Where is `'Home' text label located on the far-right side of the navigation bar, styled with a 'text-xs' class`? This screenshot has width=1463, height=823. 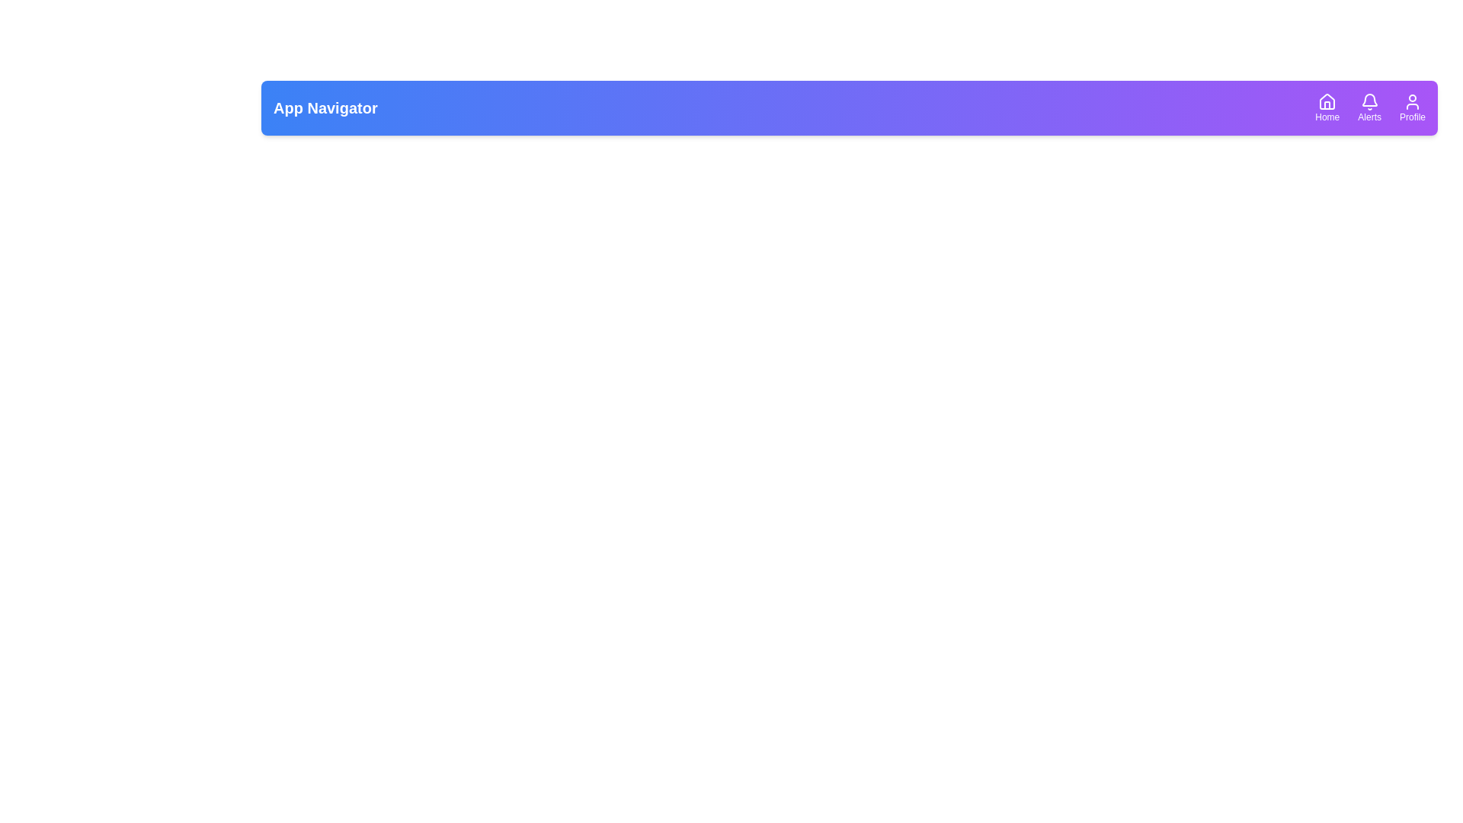
'Home' text label located on the far-right side of the navigation bar, styled with a 'text-xs' class is located at coordinates (1327, 117).